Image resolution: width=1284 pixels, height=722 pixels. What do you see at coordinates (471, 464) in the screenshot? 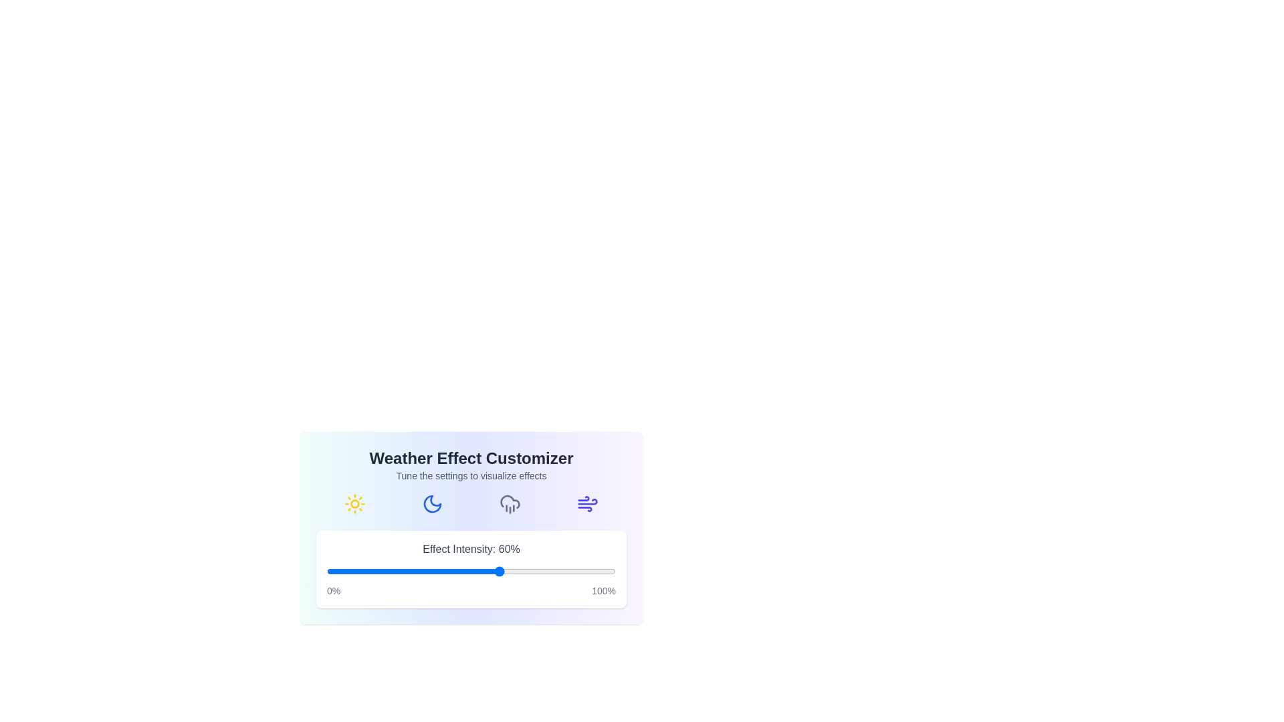
I see `the 'Weather Effect Customizer' text block which includes a bold title and a lighter subtitle, positioned at the top of the card-like section` at bounding box center [471, 464].